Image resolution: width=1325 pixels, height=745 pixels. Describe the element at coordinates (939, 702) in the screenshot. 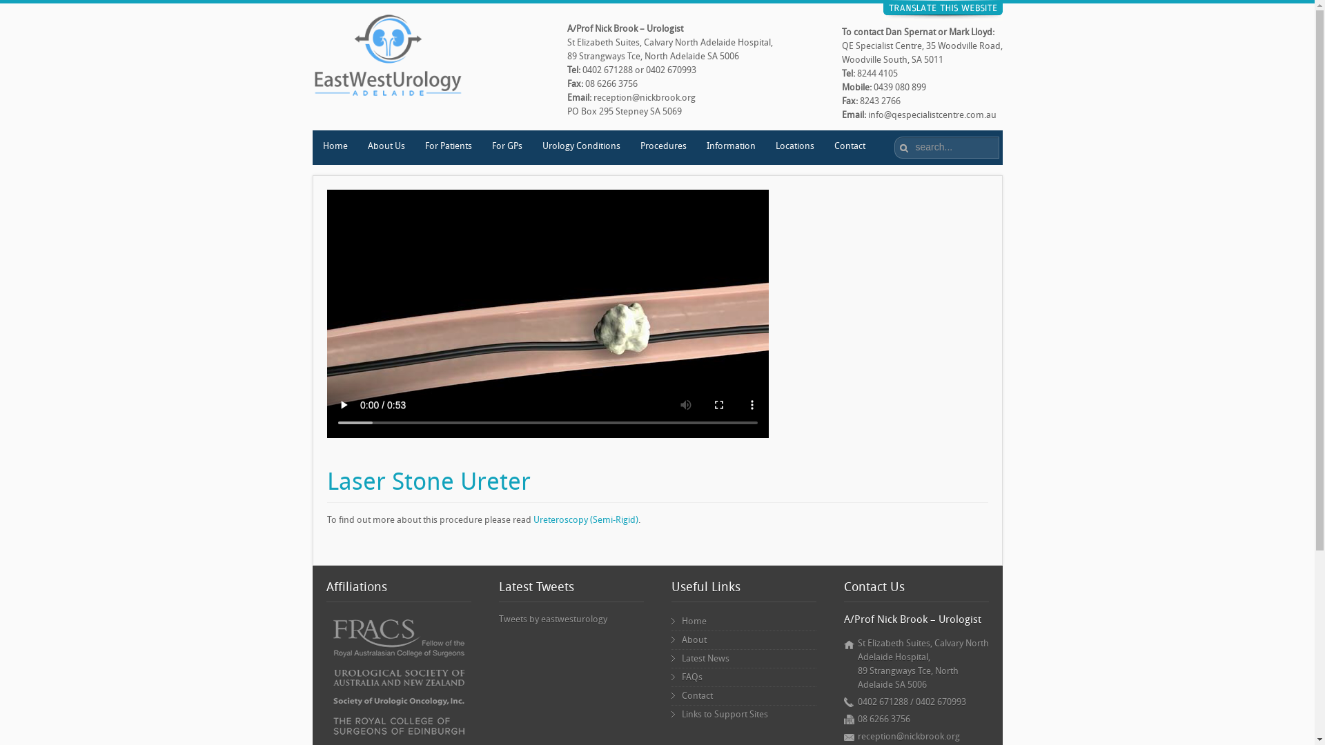

I see `'0402 670993'` at that location.